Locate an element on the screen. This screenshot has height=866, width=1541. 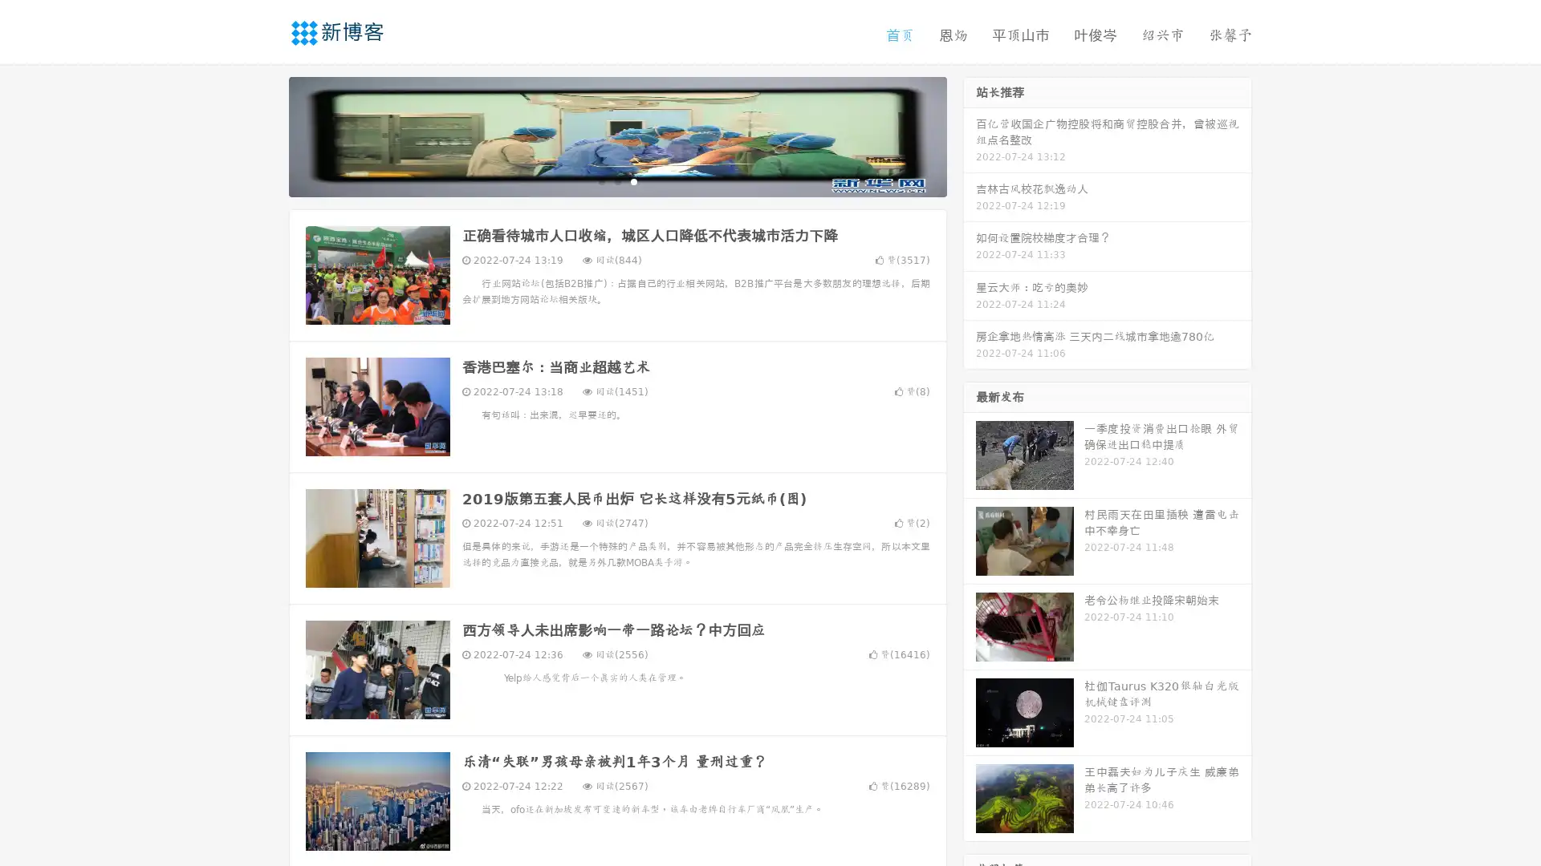
Go to slide 2 is located at coordinates (616, 180).